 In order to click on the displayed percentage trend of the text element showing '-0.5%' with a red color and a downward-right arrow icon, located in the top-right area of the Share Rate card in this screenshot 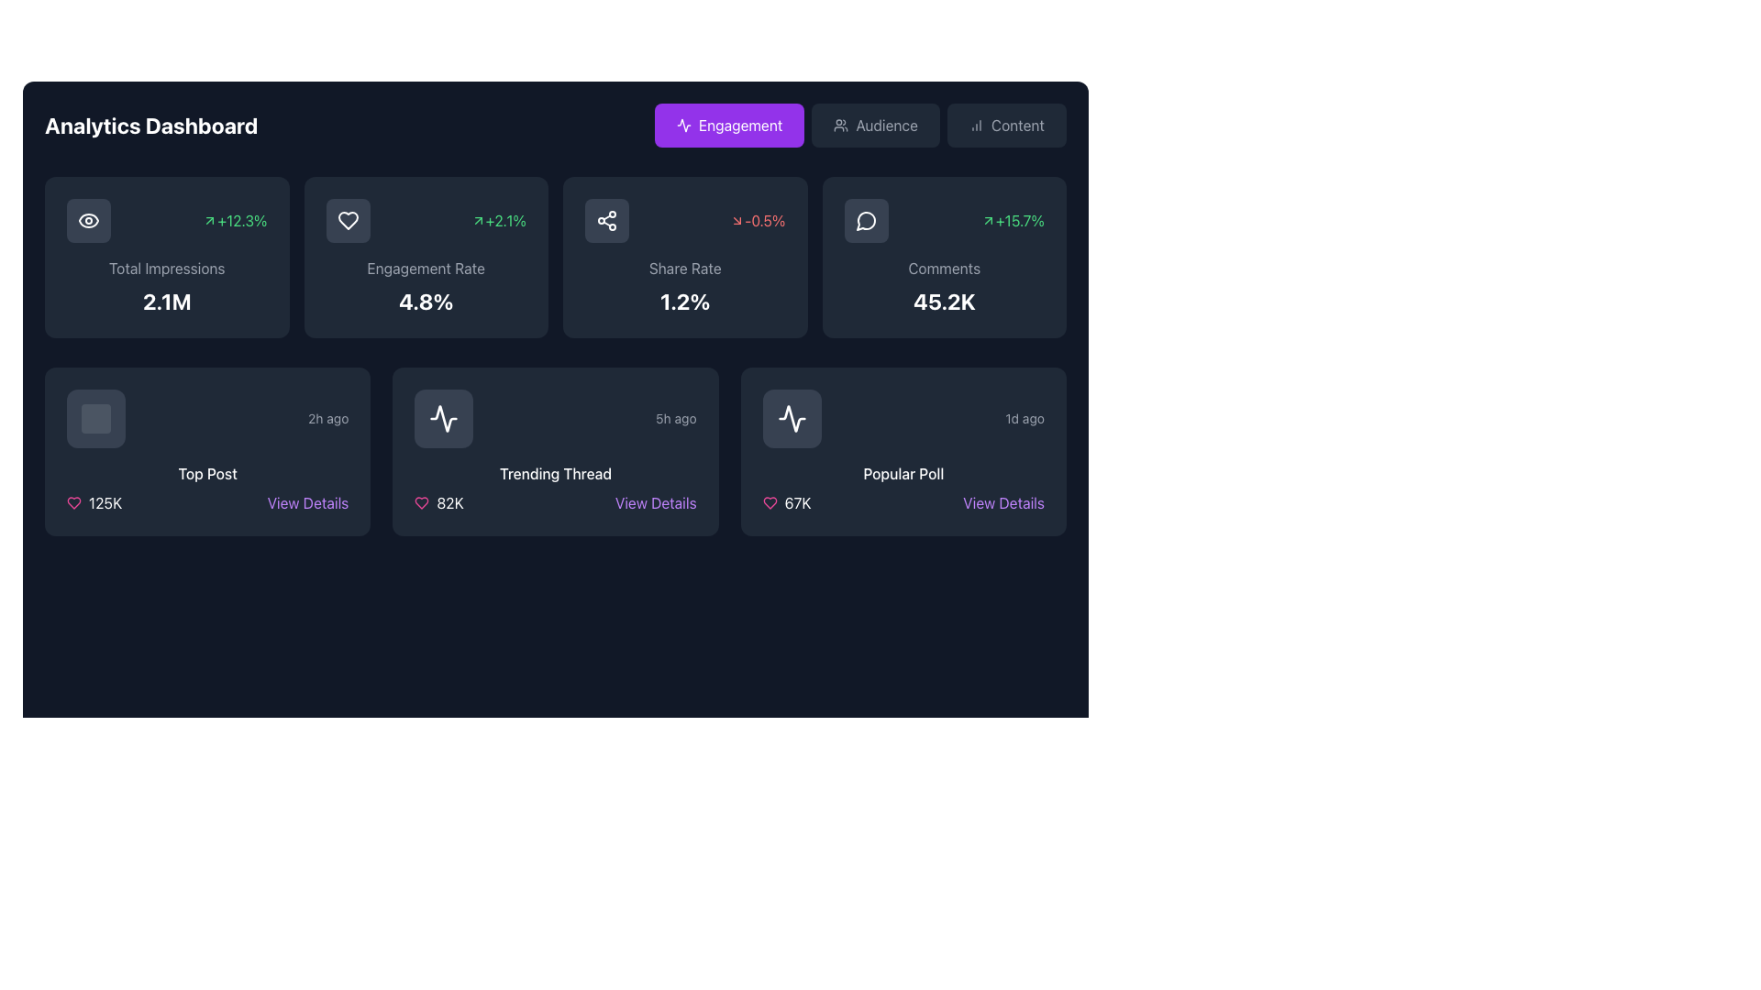, I will do `click(758, 219)`.